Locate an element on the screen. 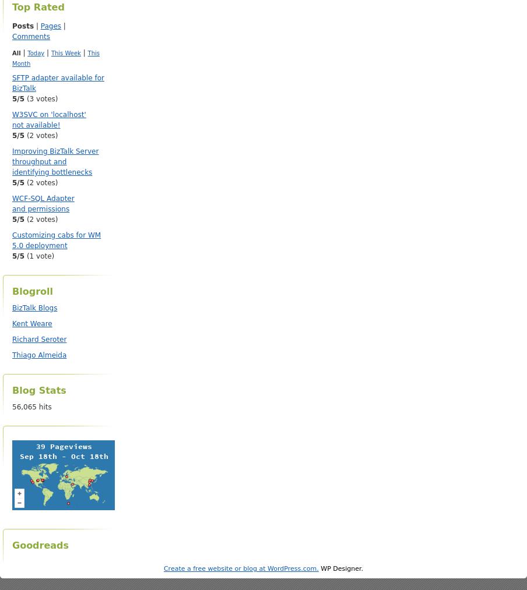 Image resolution: width=527 pixels, height=590 pixels. 'Richard Seroter' is located at coordinates (39, 339).